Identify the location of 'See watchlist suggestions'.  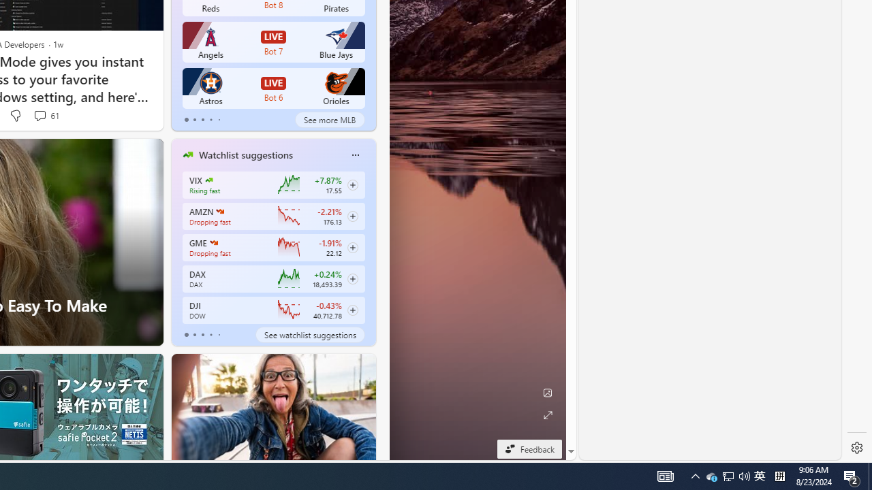
(309, 335).